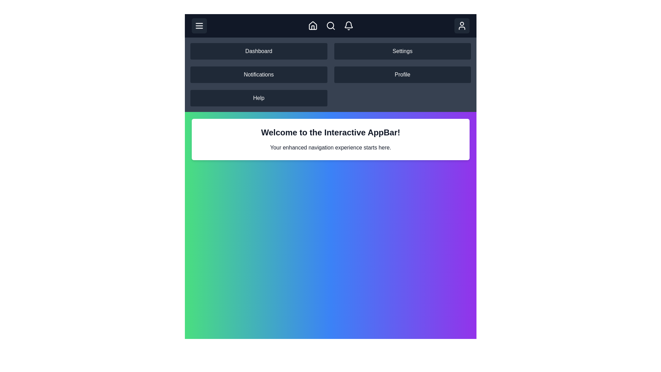 The image size is (661, 372). What do you see at coordinates (199, 25) in the screenshot?
I see `the menu toggle button to toggle the visibility of the navigation menu` at bounding box center [199, 25].